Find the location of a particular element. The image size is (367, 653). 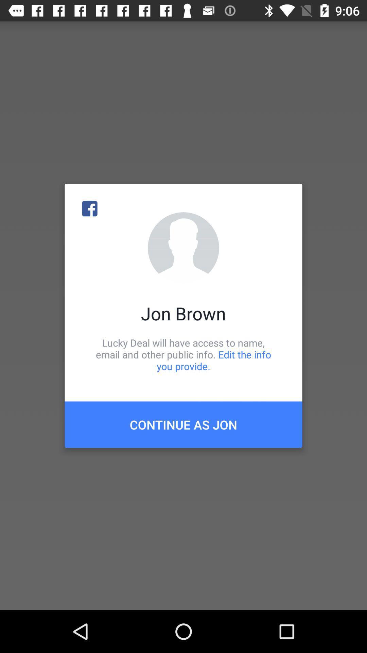

icon below jon brown is located at coordinates (183, 354).